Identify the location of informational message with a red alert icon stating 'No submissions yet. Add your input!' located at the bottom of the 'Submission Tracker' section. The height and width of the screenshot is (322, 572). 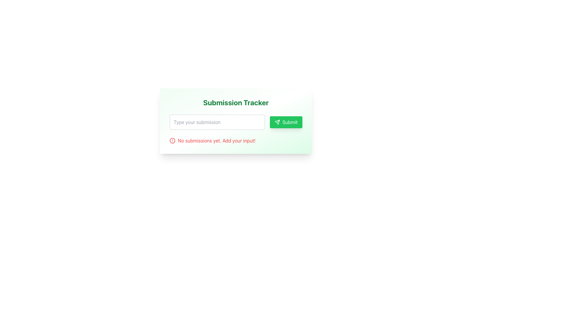
(236, 140).